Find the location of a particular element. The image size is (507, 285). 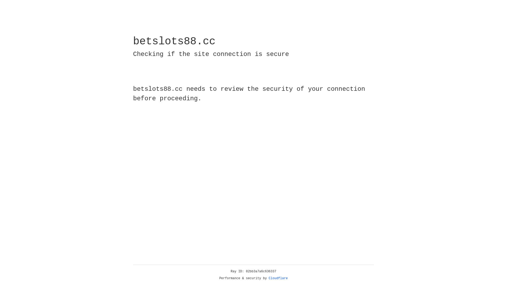

'Cloudflare' is located at coordinates (278, 278).